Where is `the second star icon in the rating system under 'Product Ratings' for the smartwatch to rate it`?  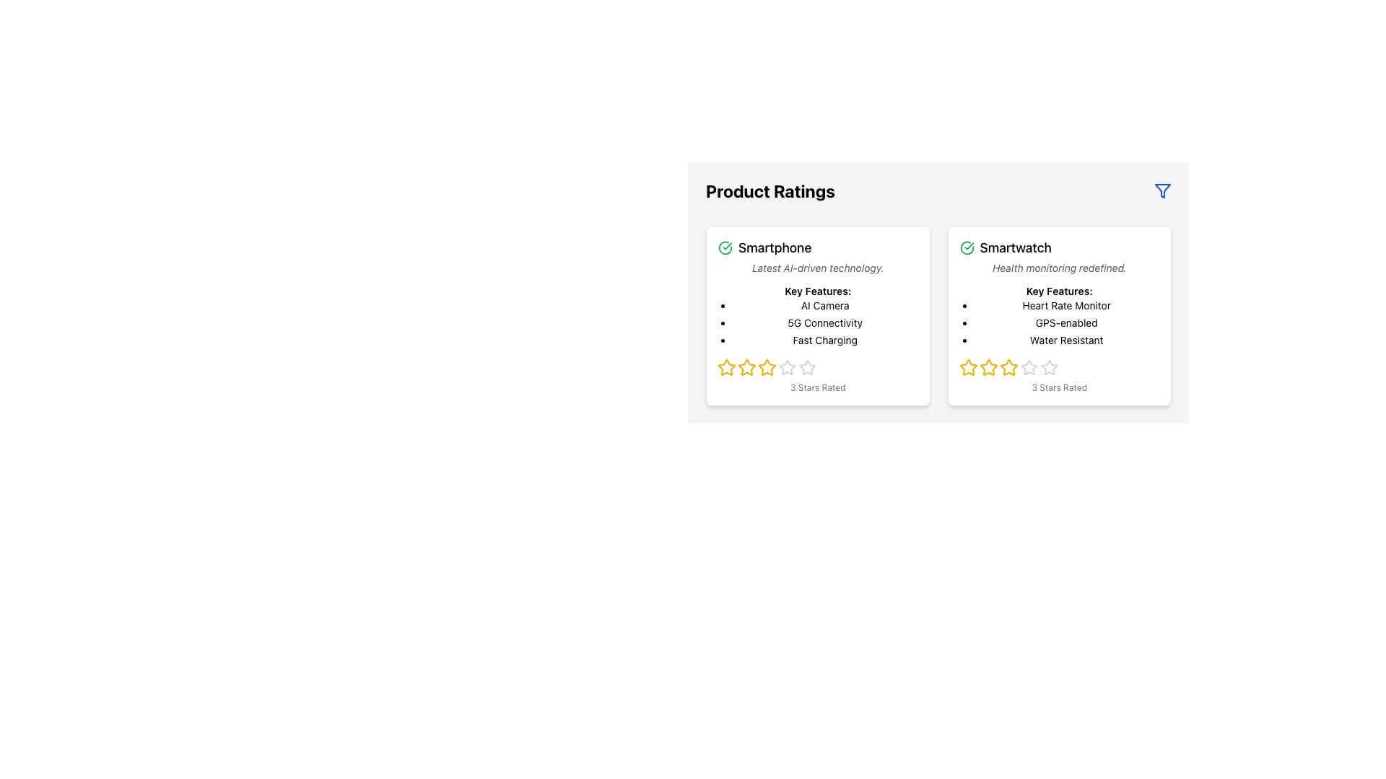
the second star icon in the rating system under 'Product Ratings' for the smartwatch to rate it is located at coordinates (1008, 366).